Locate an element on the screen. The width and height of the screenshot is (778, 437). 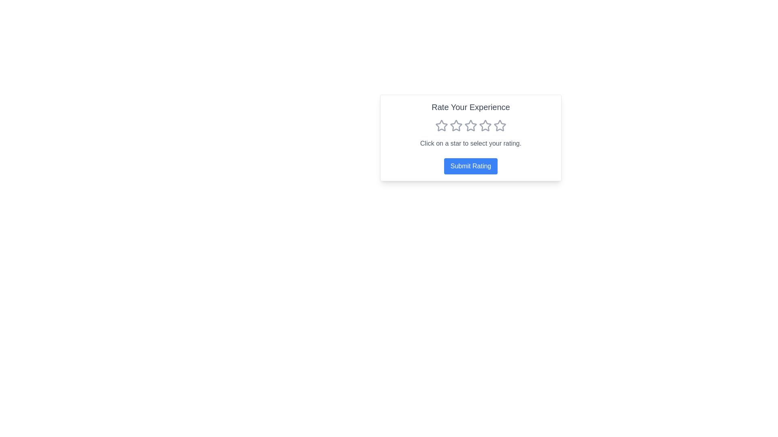
the third rating star icon in the 'Rate Your Experience' card is located at coordinates (470, 125).